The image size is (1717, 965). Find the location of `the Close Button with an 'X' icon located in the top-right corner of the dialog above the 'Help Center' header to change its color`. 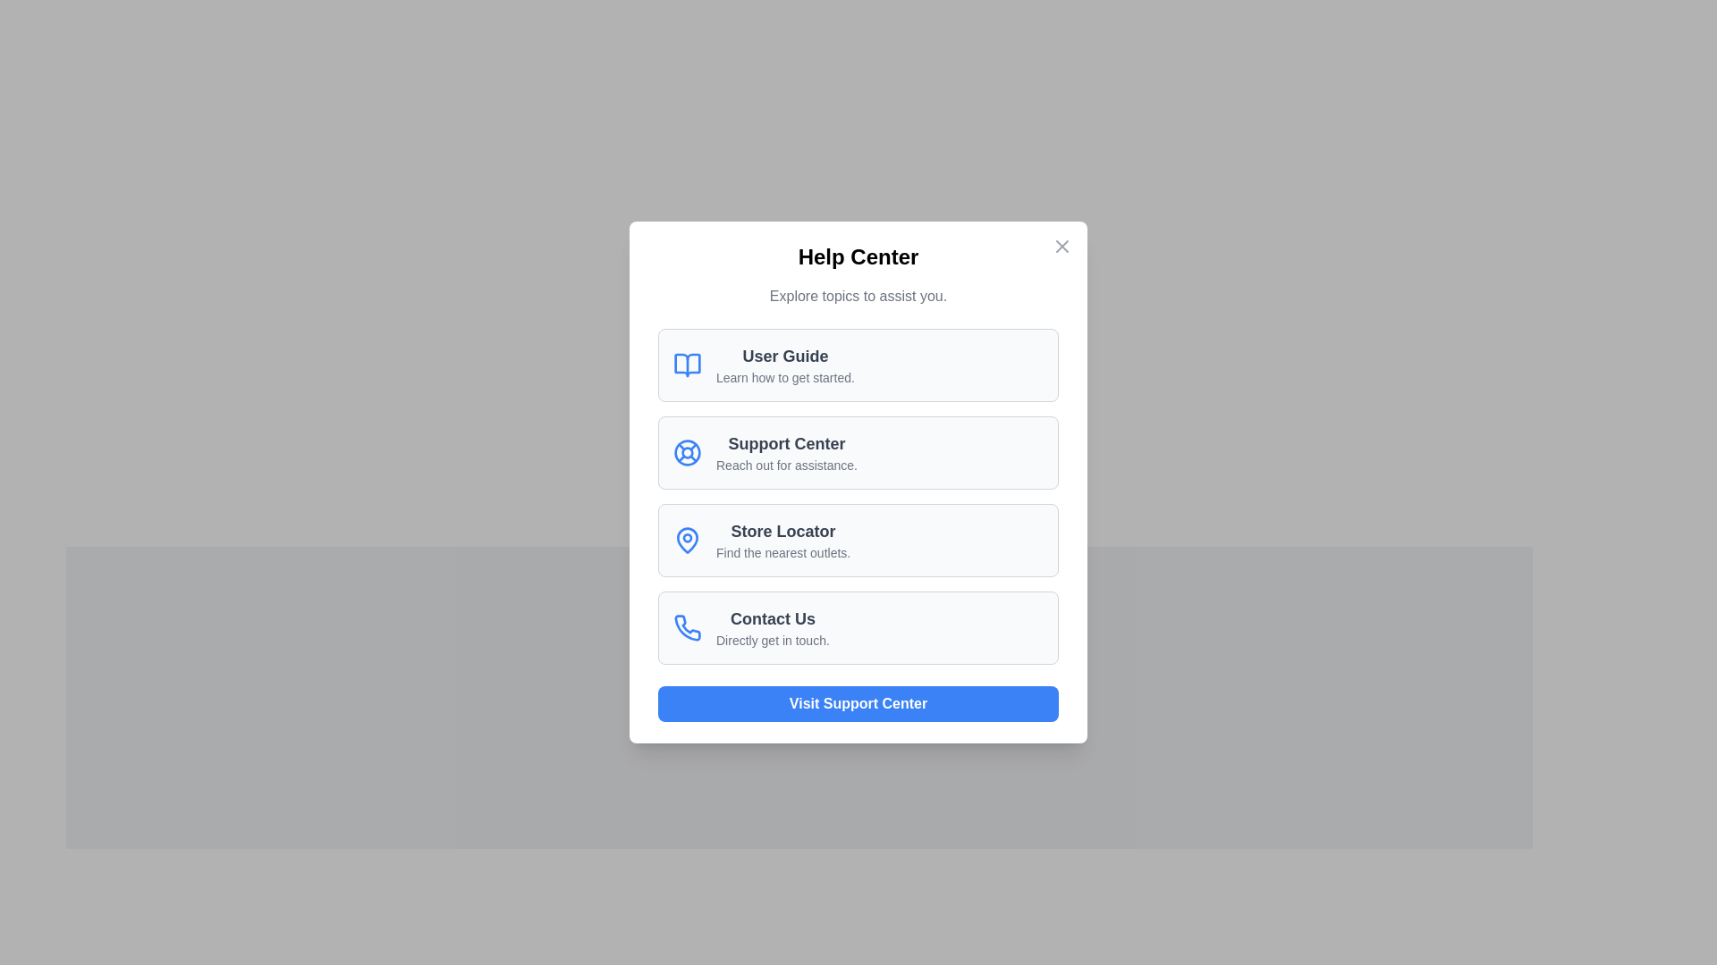

the Close Button with an 'X' icon located in the top-right corner of the dialog above the 'Help Center' header to change its color is located at coordinates (1062, 247).